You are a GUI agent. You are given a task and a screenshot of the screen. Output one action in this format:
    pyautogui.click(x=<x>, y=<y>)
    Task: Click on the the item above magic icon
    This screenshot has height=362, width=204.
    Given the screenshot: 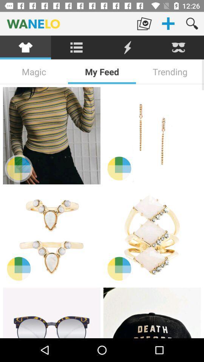 What is the action you would take?
    pyautogui.click(x=76, y=47)
    